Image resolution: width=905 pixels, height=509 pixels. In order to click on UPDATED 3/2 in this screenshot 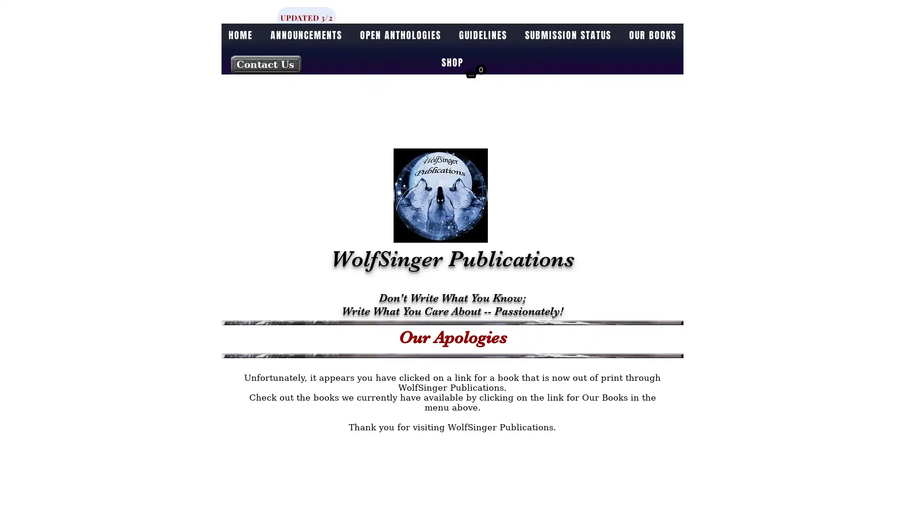, I will do `click(306, 17)`.